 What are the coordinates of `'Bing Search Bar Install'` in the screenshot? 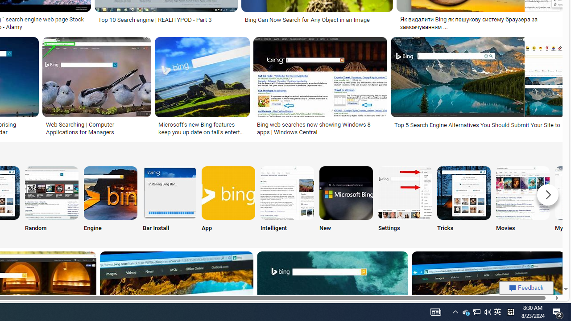 It's located at (170, 192).